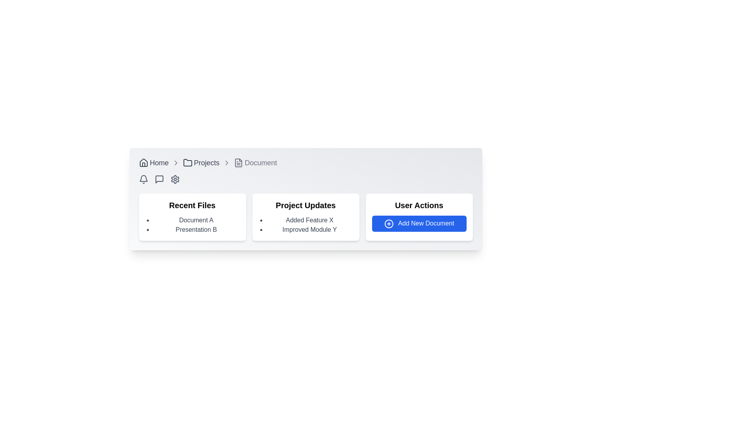  Describe the element at coordinates (419, 205) in the screenshot. I see `the 'User Actions' text header located at the top of the card component on the right-most side of a group of three similar cards` at that location.